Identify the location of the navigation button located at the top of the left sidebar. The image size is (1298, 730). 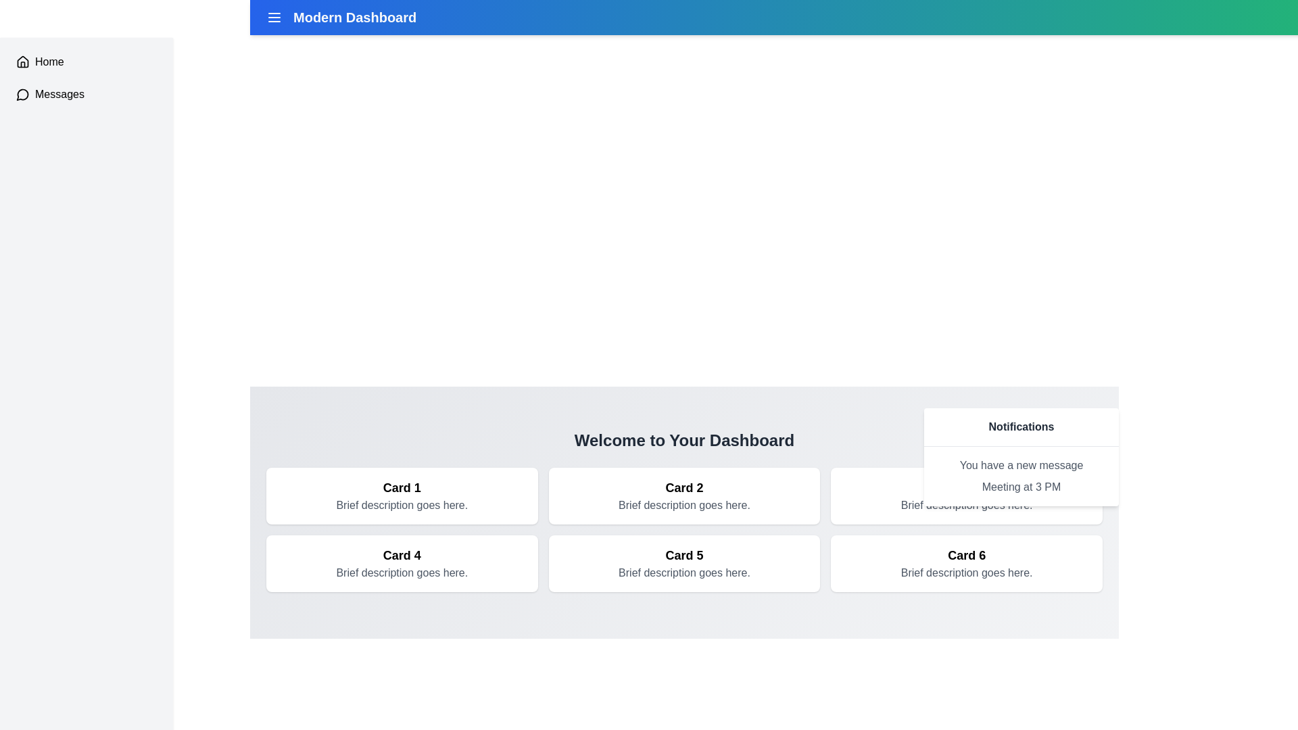
(86, 62).